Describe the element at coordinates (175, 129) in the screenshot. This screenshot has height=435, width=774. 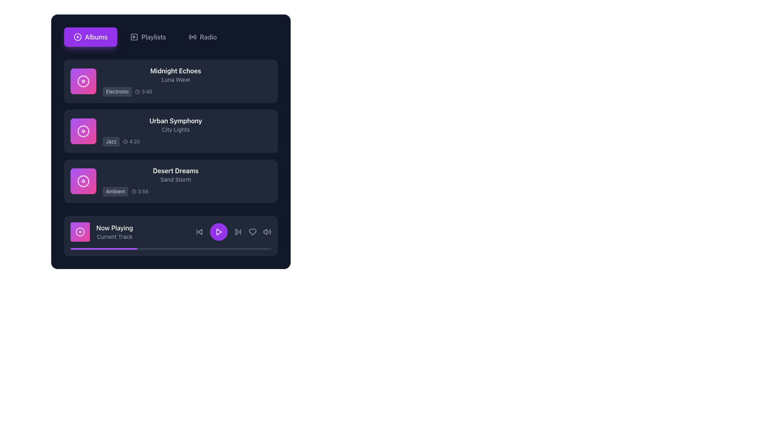
I see `descriptive text label located beneath the title 'Urban Symphony', which indicates details about the music track` at that location.